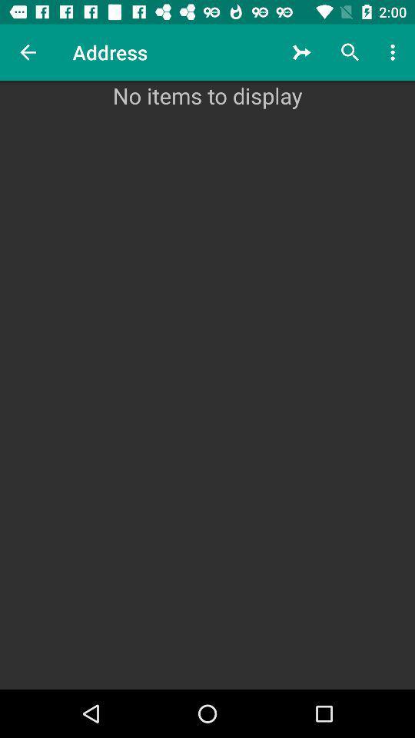 The width and height of the screenshot is (415, 738). Describe the element at coordinates (302, 52) in the screenshot. I see `the item above no items to item` at that location.